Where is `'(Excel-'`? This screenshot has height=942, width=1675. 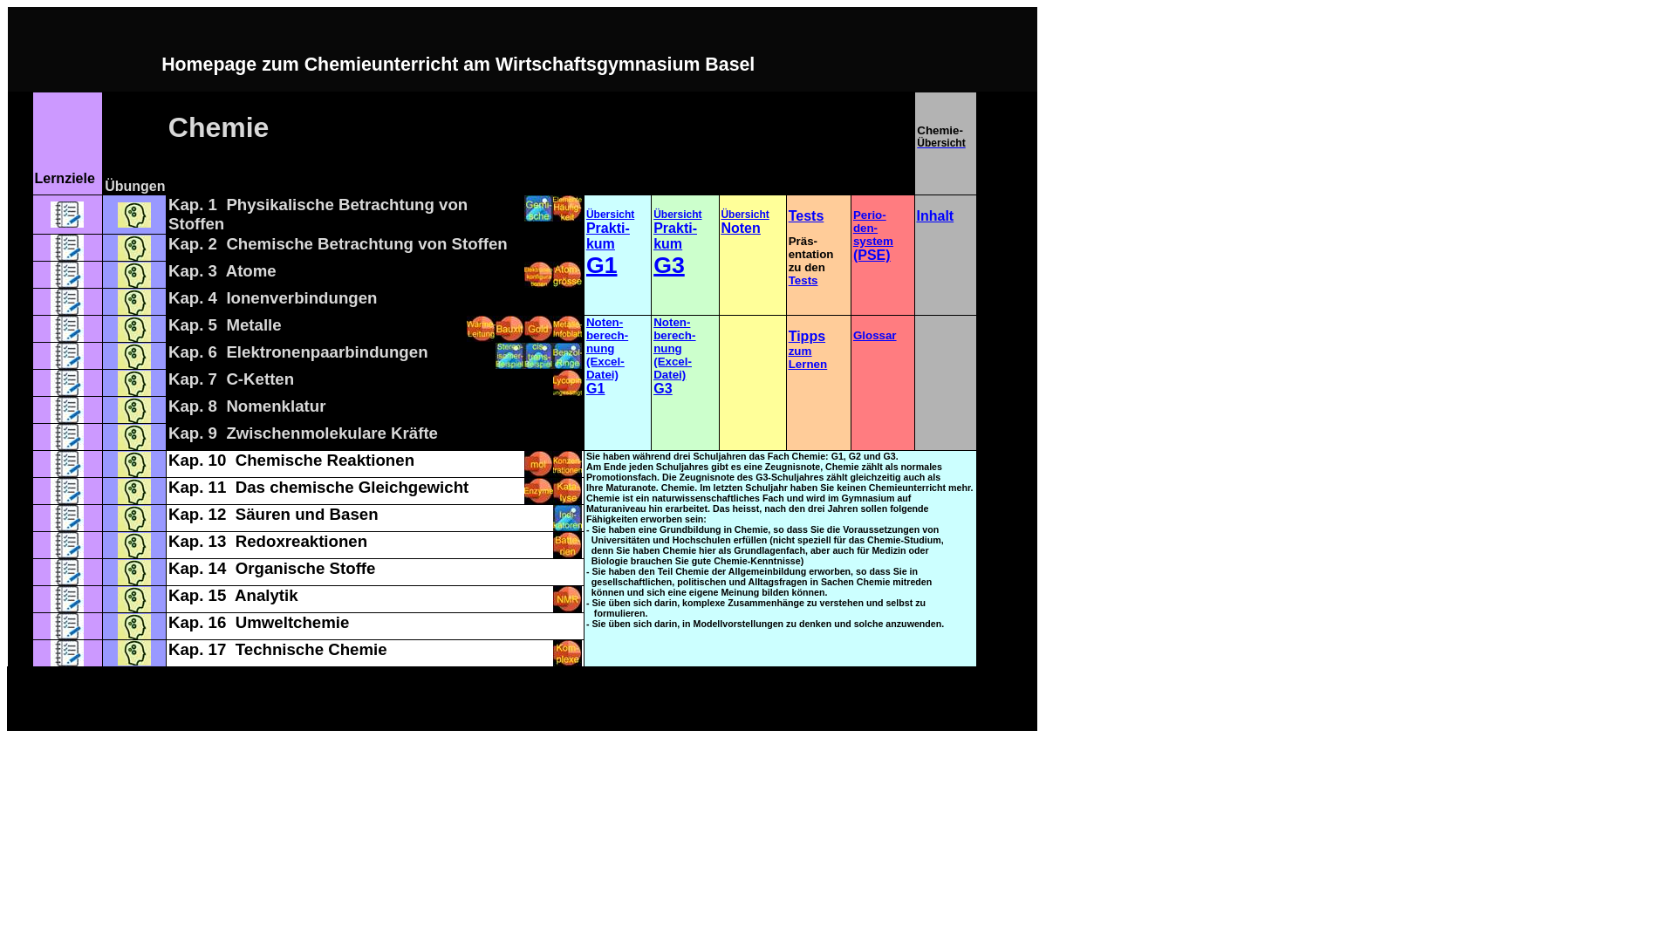
'(Excel-' is located at coordinates (605, 360).